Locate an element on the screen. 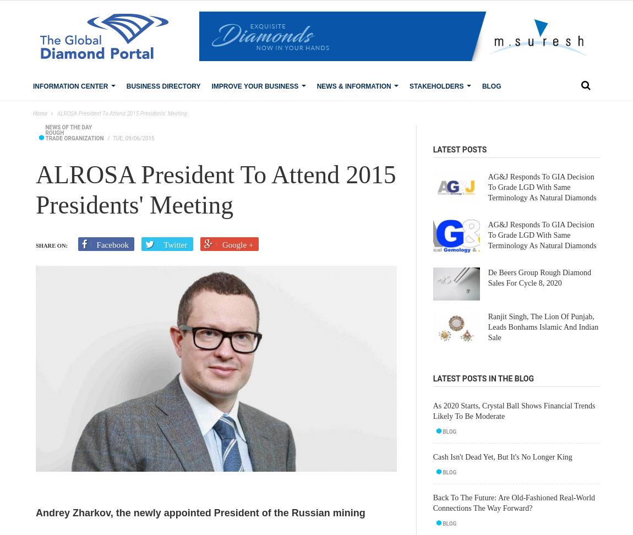  'Trade Organization' is located at coordinates (44, 138).